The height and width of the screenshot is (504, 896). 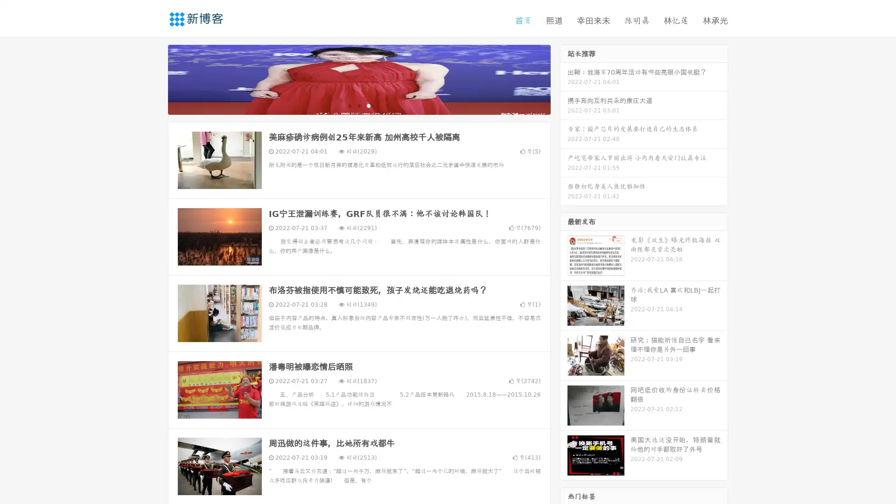 I want to click on Go to slide 2, so click(x=358, y=105).